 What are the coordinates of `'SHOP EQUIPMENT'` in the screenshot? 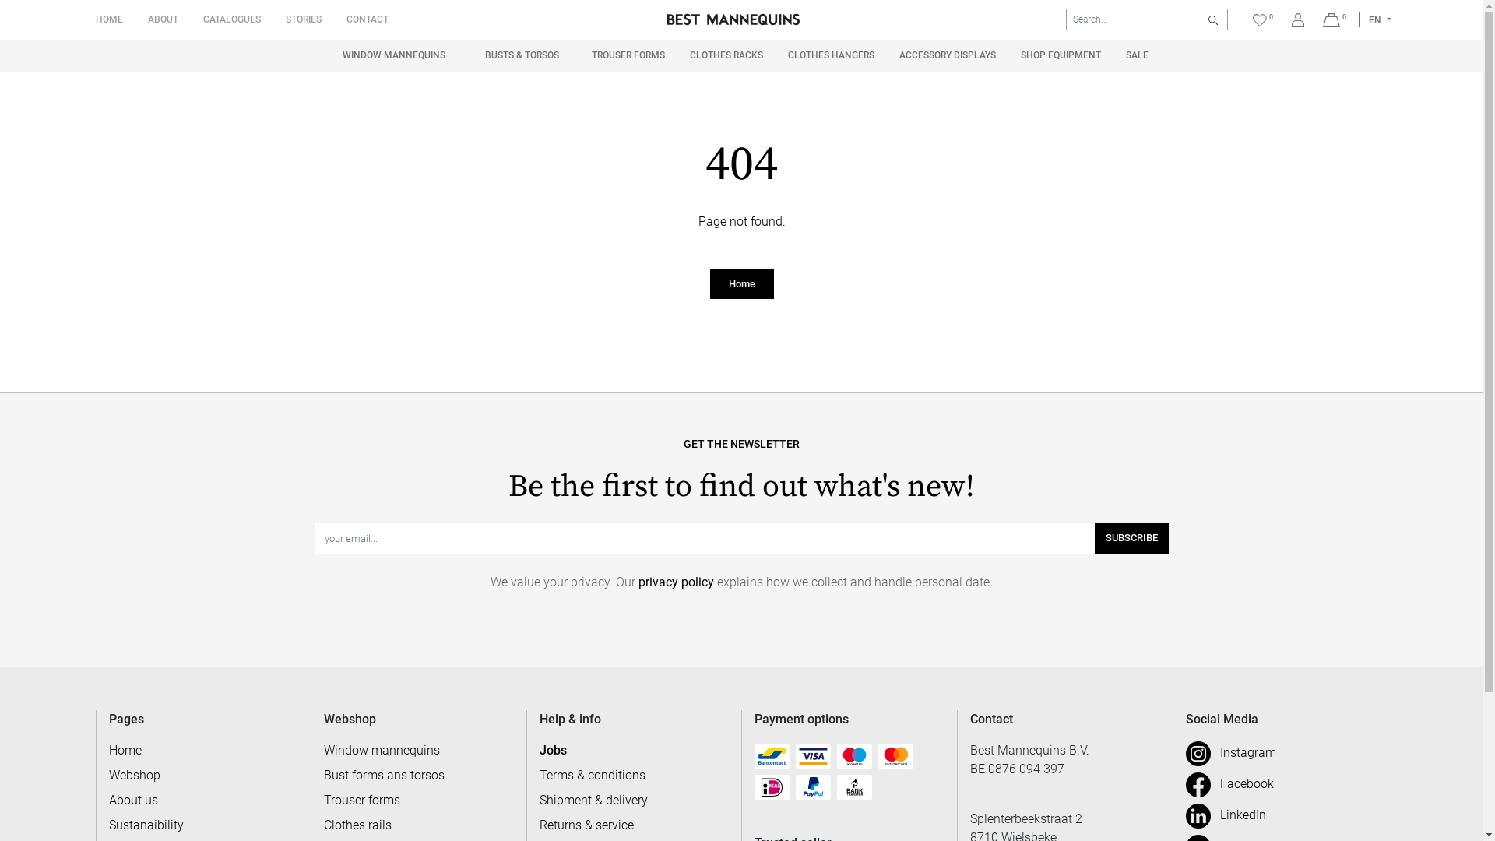 It's located at (1060, 54).